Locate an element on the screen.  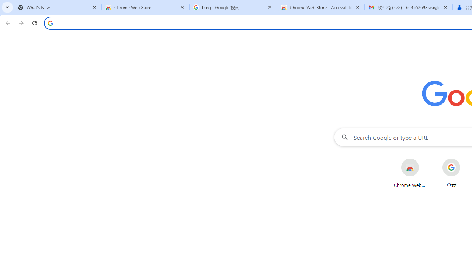
'More actions for Chrome Web Store shortcut' is located at coordinates (425, 159).